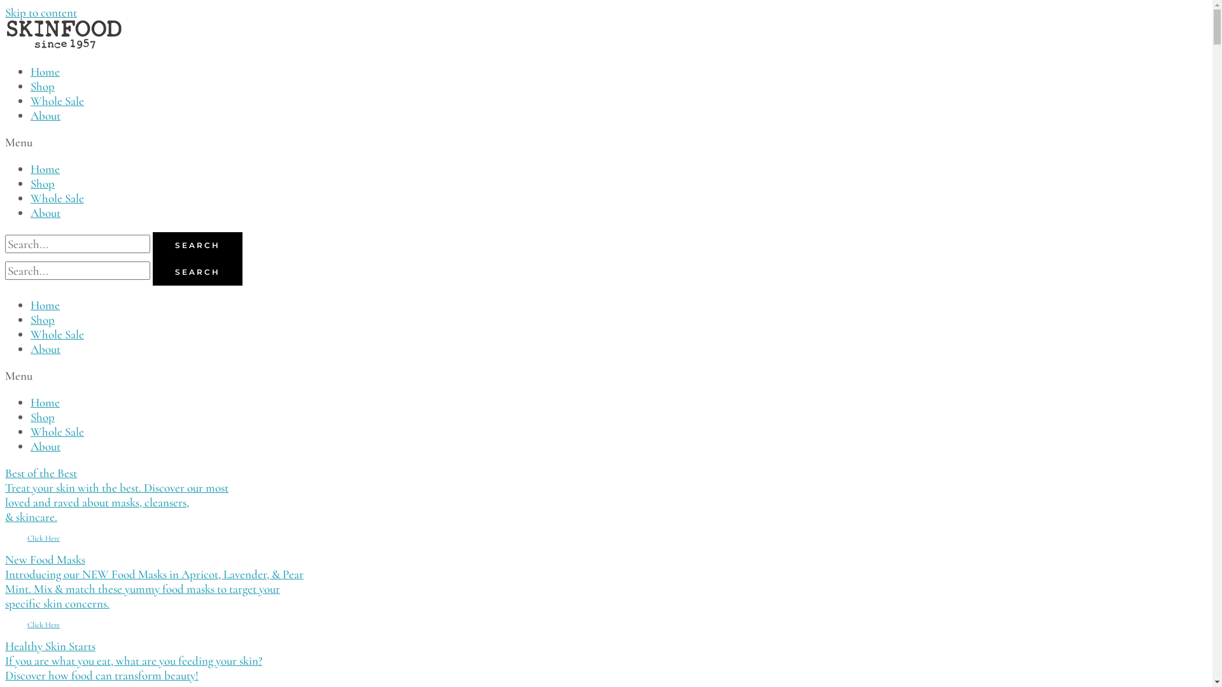  I want to click on 'Search', so click(76, 244).